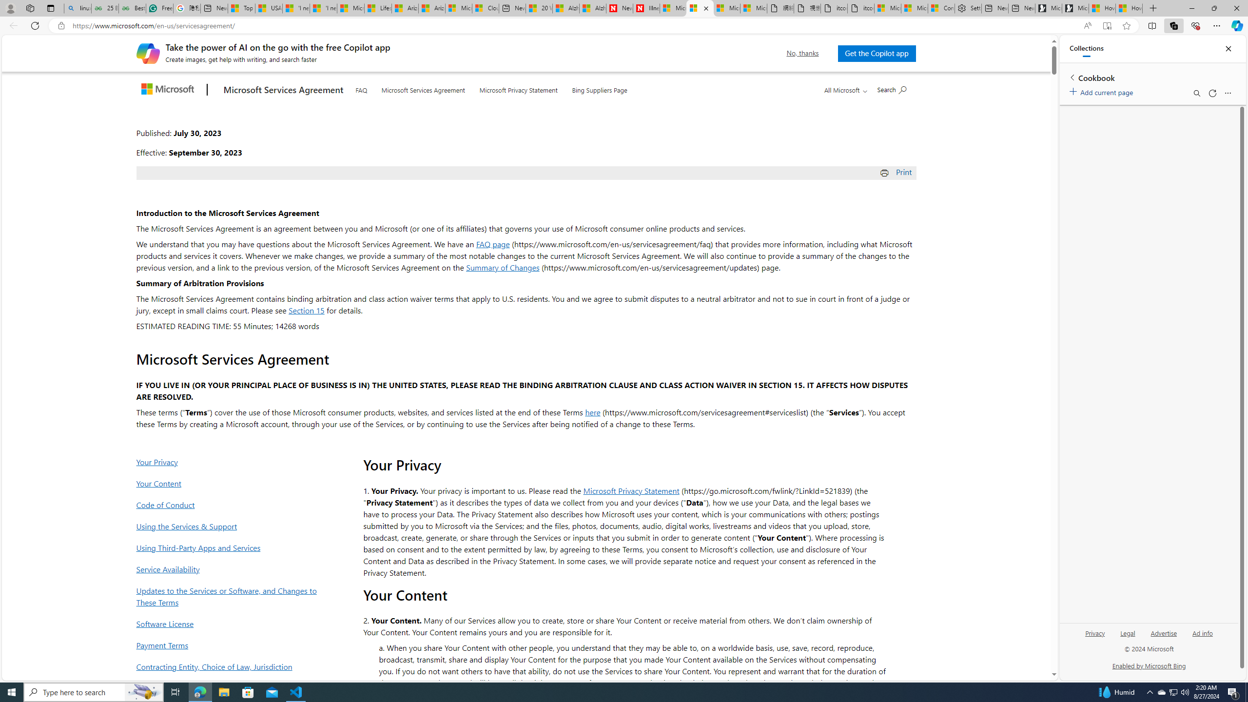  I want to click on 'More options menu', so click(1228, 93).